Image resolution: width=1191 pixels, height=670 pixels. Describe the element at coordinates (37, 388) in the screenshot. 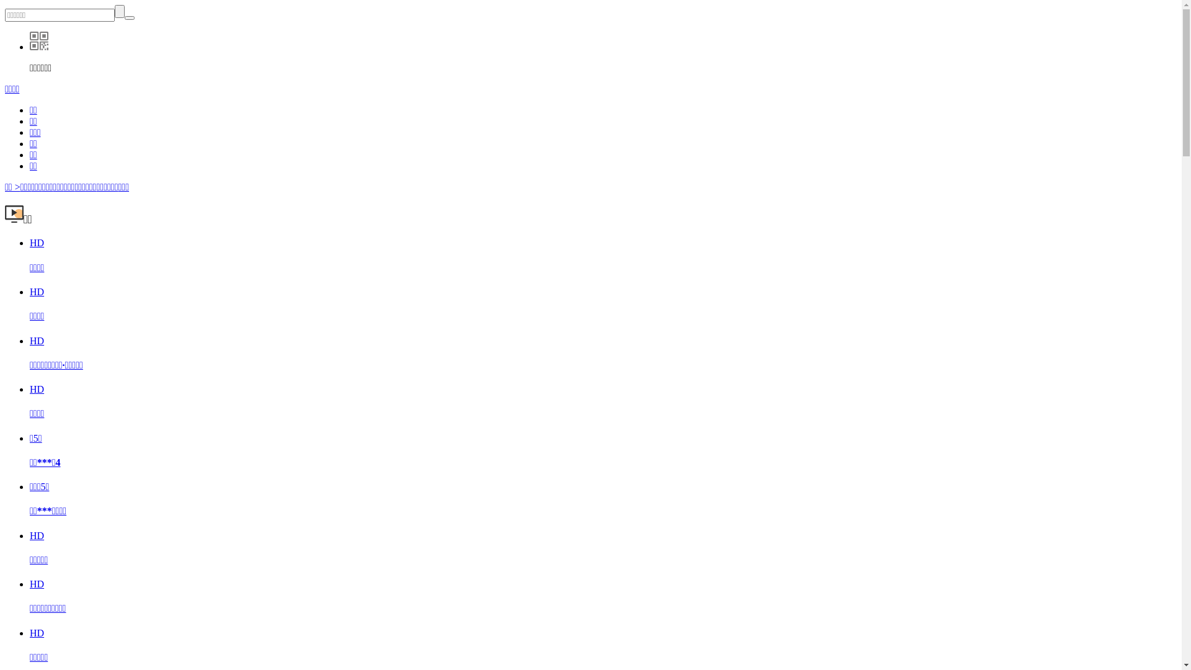

I see `'HD'` at that location.